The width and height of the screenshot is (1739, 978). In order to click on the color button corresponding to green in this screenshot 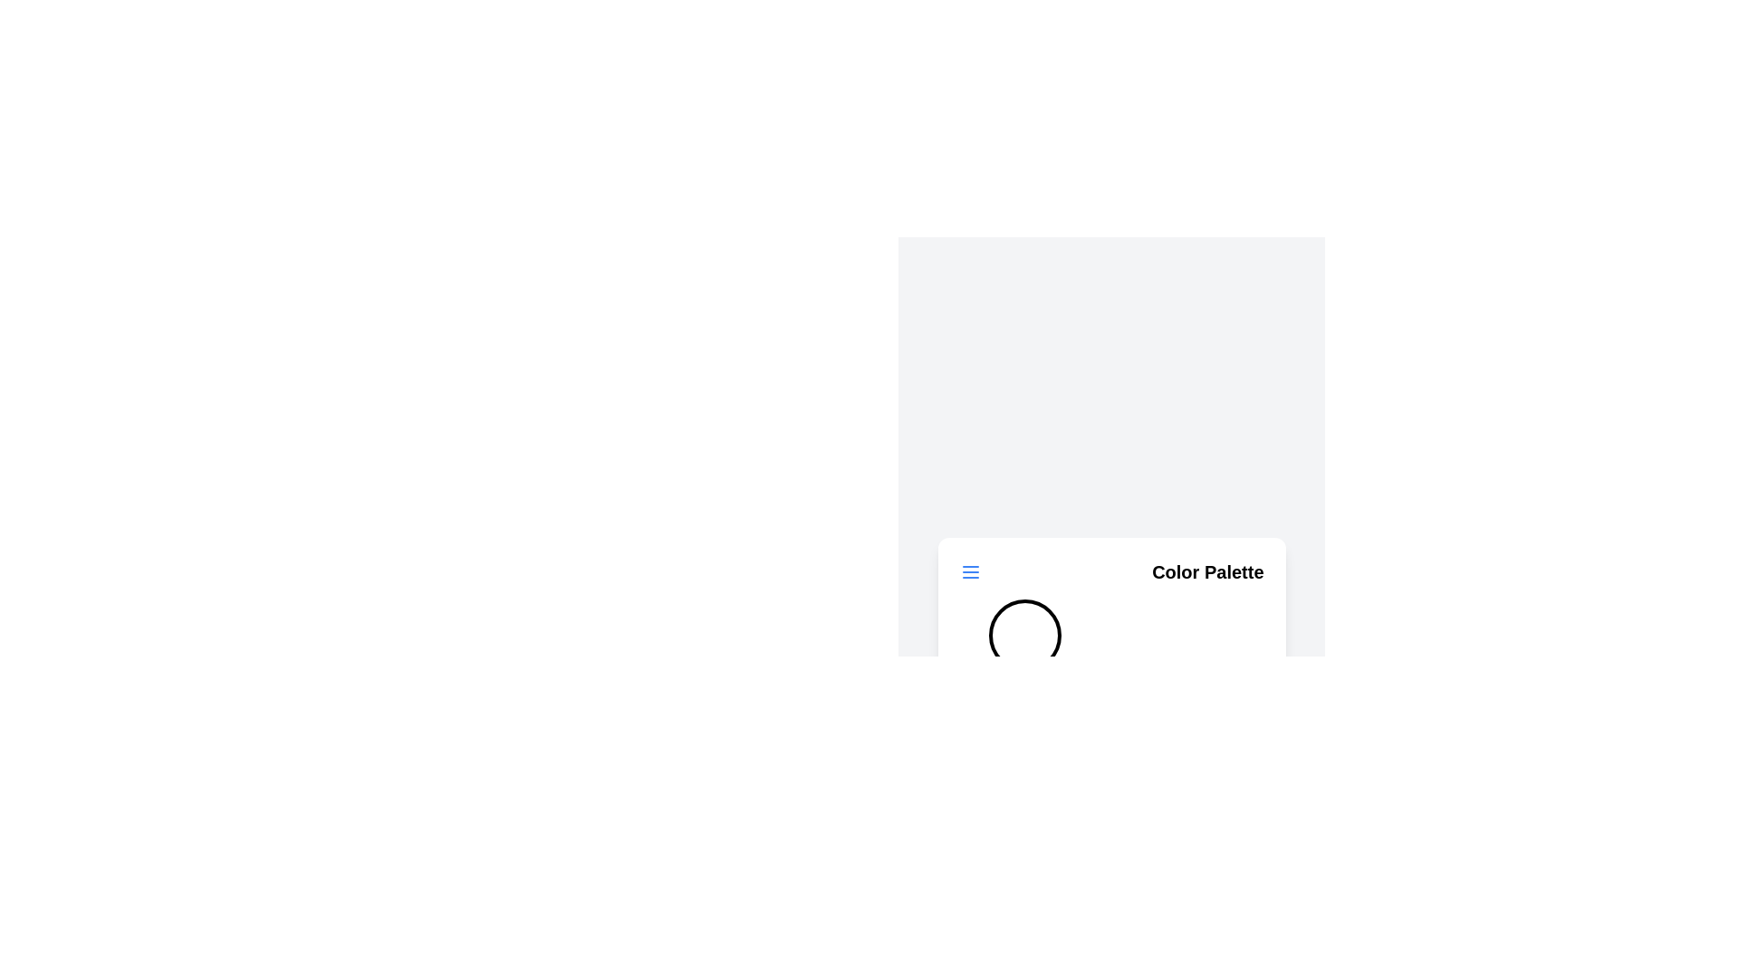, I will do `click(1110, 635)`.